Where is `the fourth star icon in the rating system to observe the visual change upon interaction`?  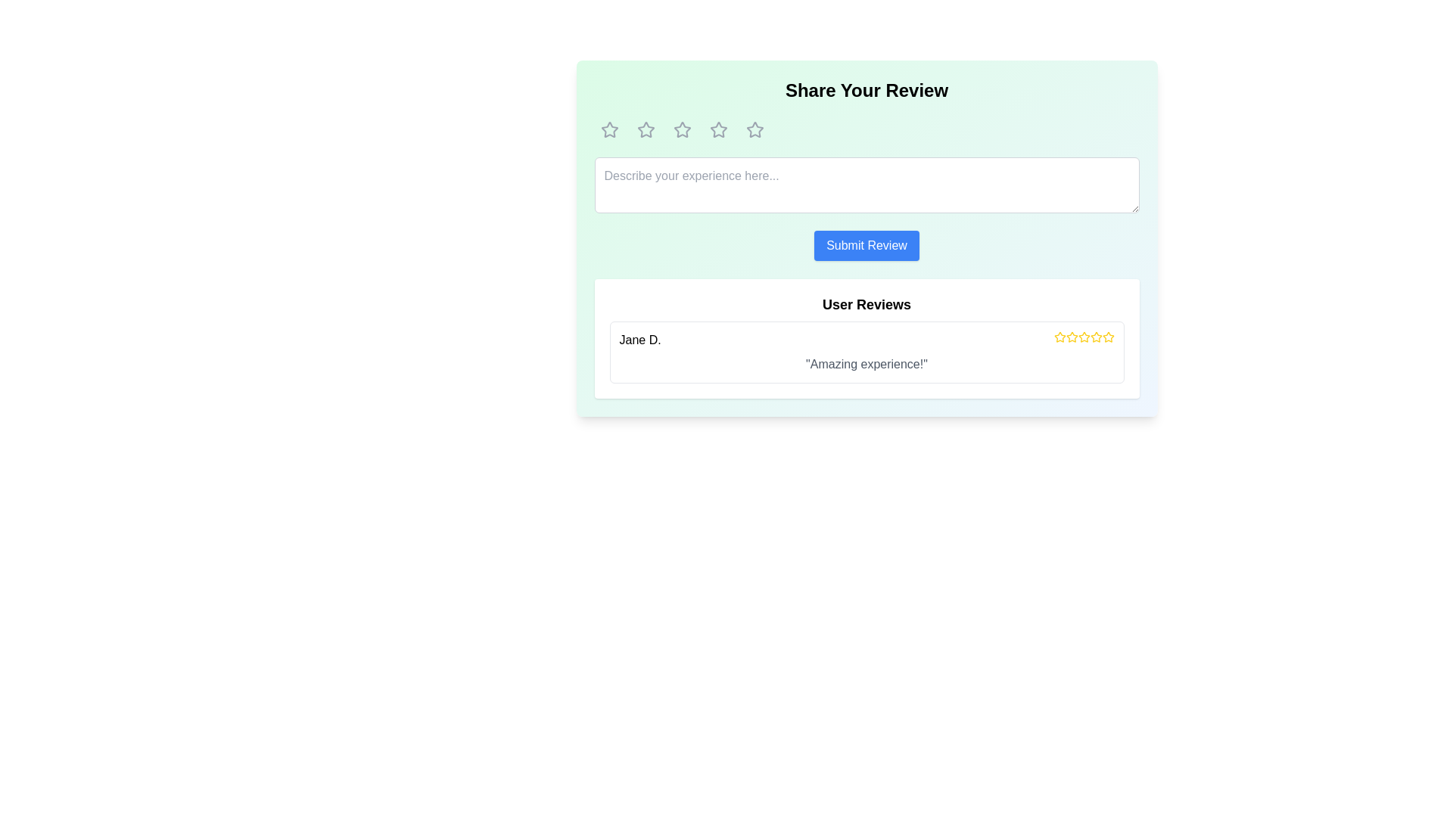
the fourth star icon in the rating system to observe the visual change upon interaction is located at coordinates (717, 129).